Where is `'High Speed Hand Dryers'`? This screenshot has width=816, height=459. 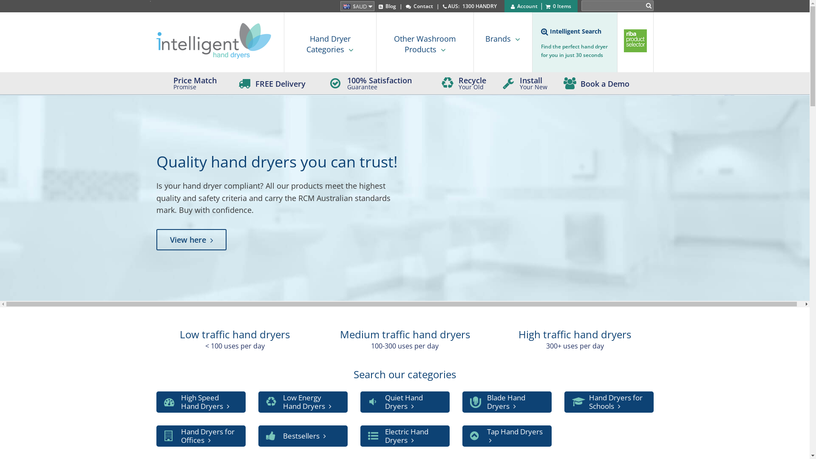
'High Speed Hand Dryers' is located at coordinates (201, 402).